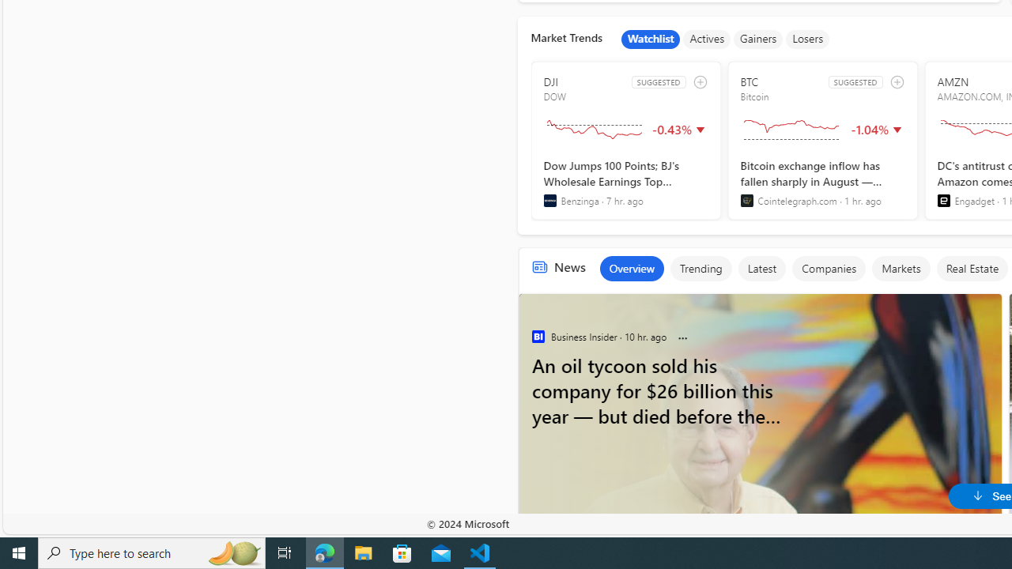 Image resolution: width=1012 pixels, height=569 pixels. What do you see at coordinates (746, 200) in the screenshot?
I see `'Cointelegraph.com'` at bounding box center [746, 200].